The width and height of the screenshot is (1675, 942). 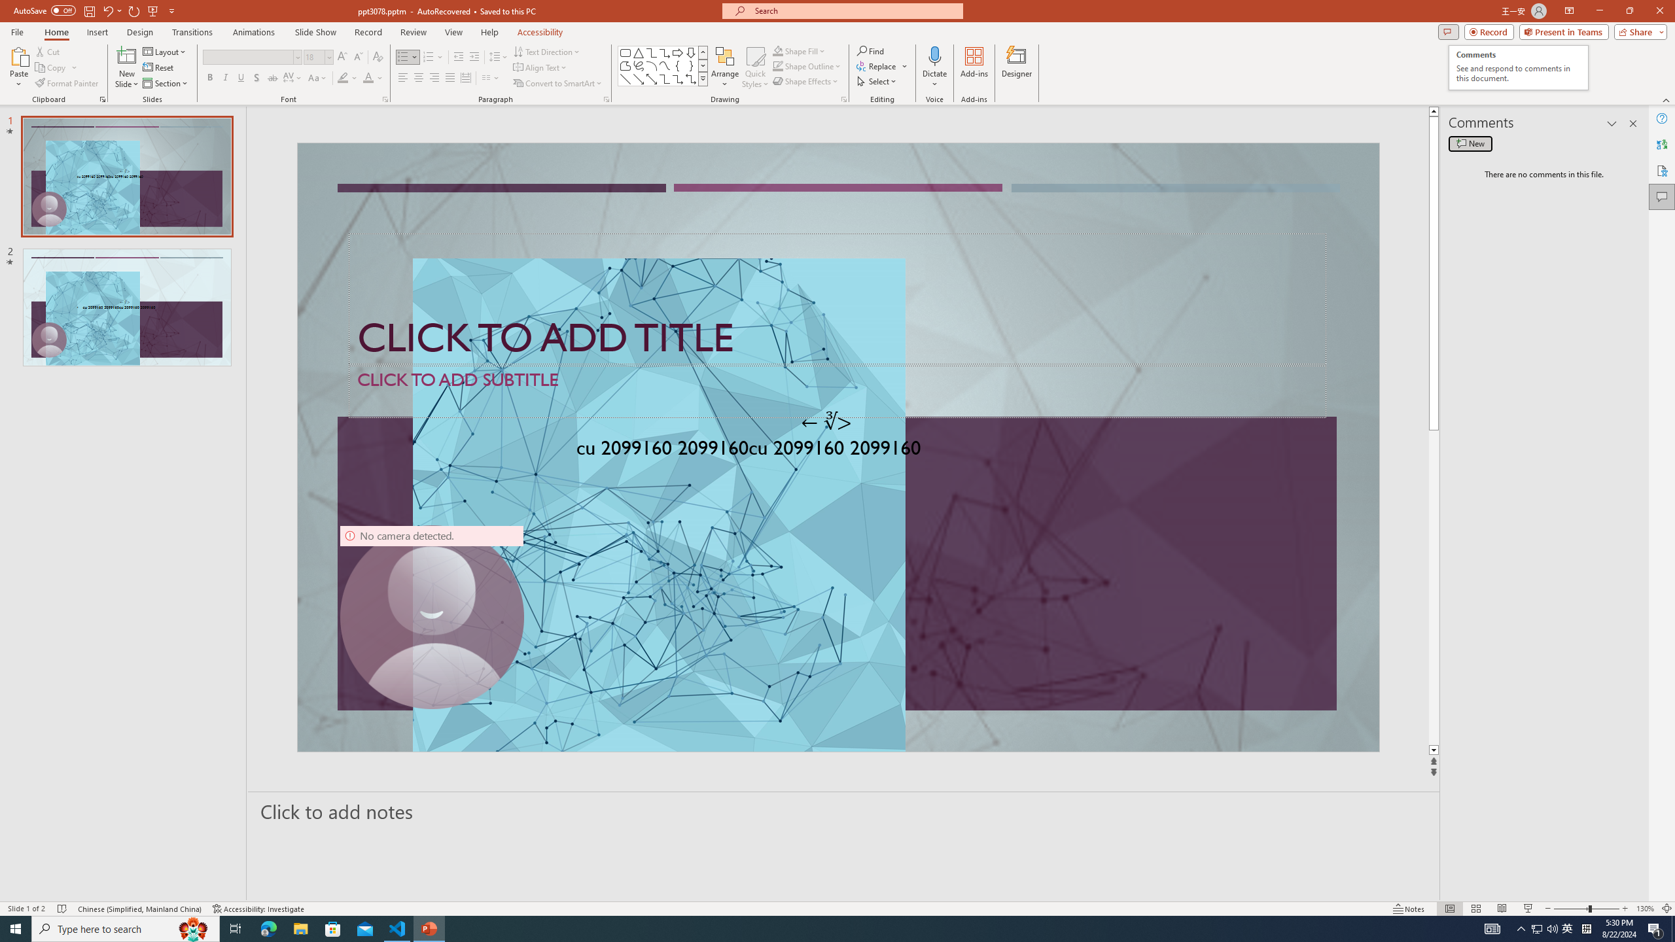 I want to click on 'Shape Outline Green, Accent 1', so click(x=778, y=65).